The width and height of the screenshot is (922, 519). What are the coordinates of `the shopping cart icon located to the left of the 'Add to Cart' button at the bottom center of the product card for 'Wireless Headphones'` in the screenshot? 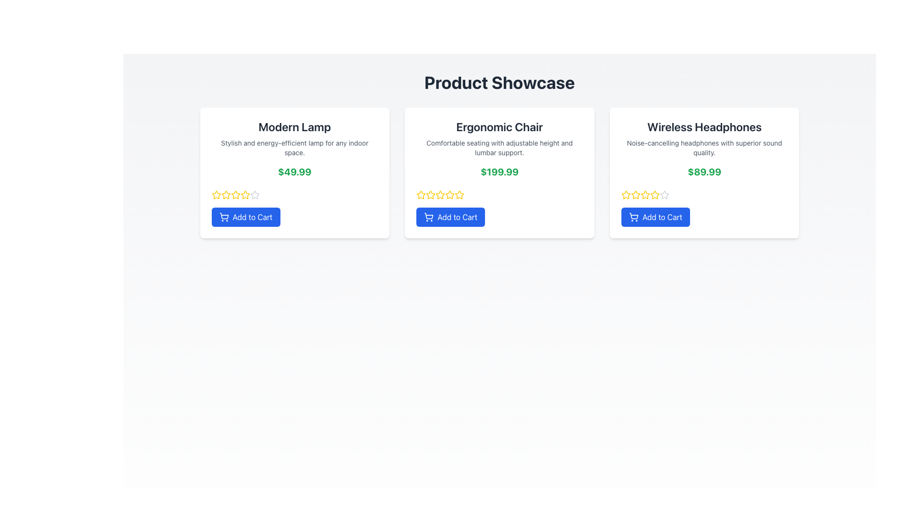 It's located at (633, 217).